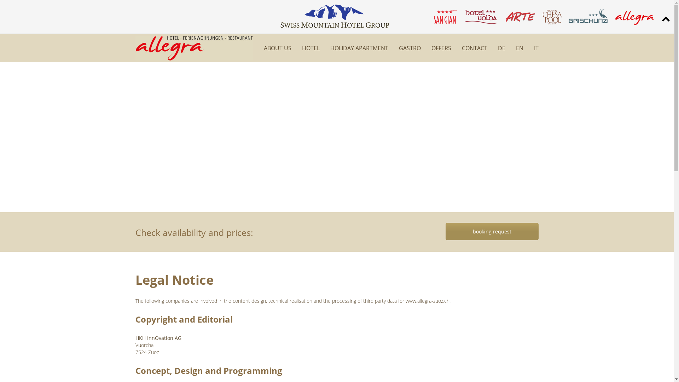 Image resolution: width=679 pixels, height=382 pixels. I want to click on 'IT', so click(536, 48).